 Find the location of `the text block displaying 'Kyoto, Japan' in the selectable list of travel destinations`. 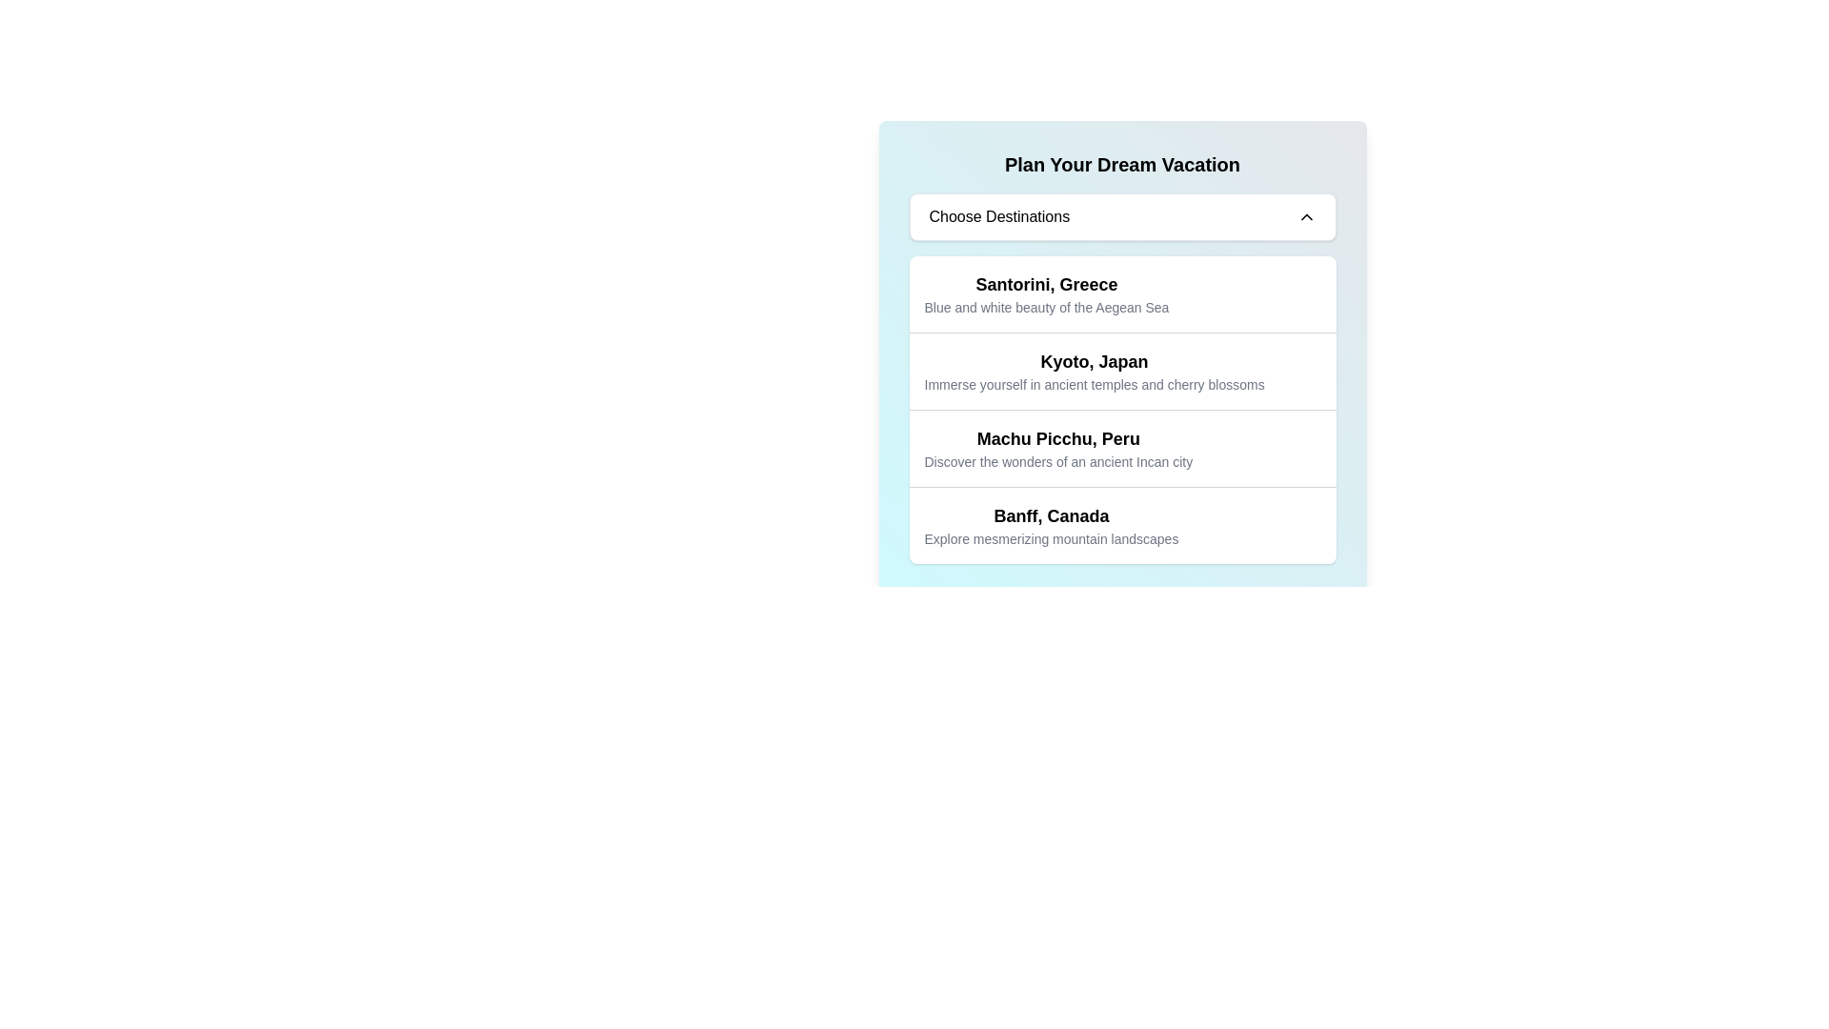

the text block displaying 'Kyoto, Japan' in the selectable list of travel destinations is located at coordinates (1122, 357).